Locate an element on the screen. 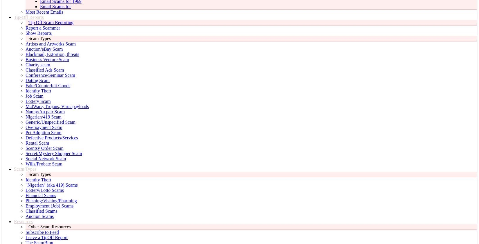 The width and height of the screenshot is (479, 244). 'Auction Scams' is located at coordinates (39, 216).